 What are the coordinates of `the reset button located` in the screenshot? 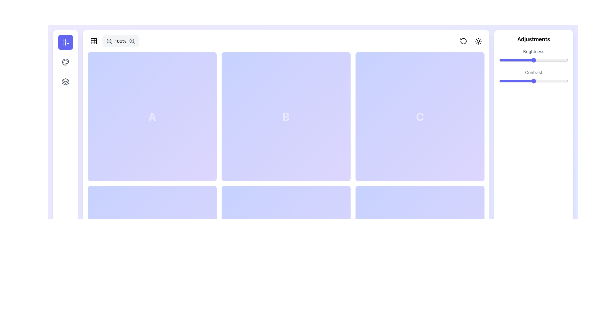 It's located at (464, 41).